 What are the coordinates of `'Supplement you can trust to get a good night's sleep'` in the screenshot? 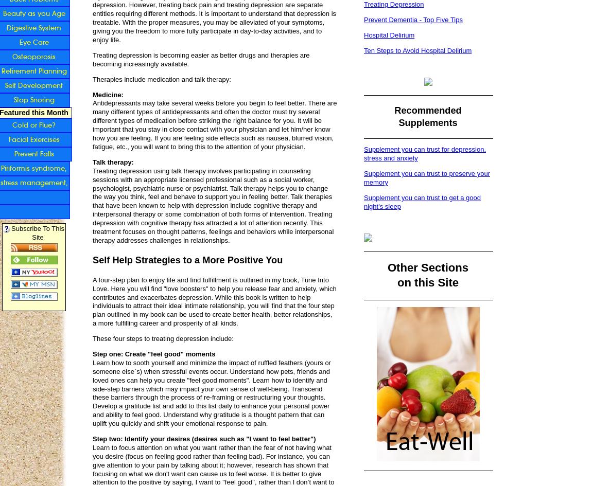 It's located at (421, 201).